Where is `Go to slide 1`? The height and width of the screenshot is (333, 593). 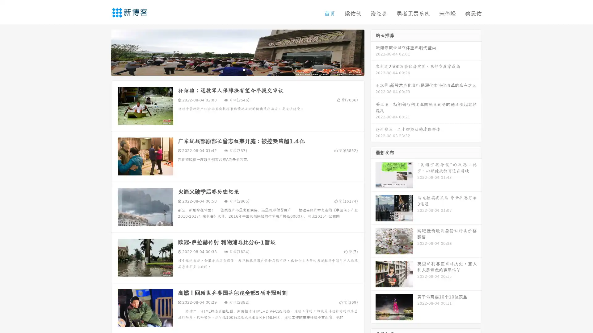
Go to slide 1 is located at coordinates (231, 69).